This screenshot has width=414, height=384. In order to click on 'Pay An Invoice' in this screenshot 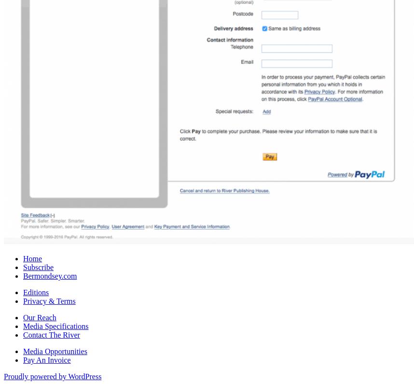, I will do `click(47, 359)`.